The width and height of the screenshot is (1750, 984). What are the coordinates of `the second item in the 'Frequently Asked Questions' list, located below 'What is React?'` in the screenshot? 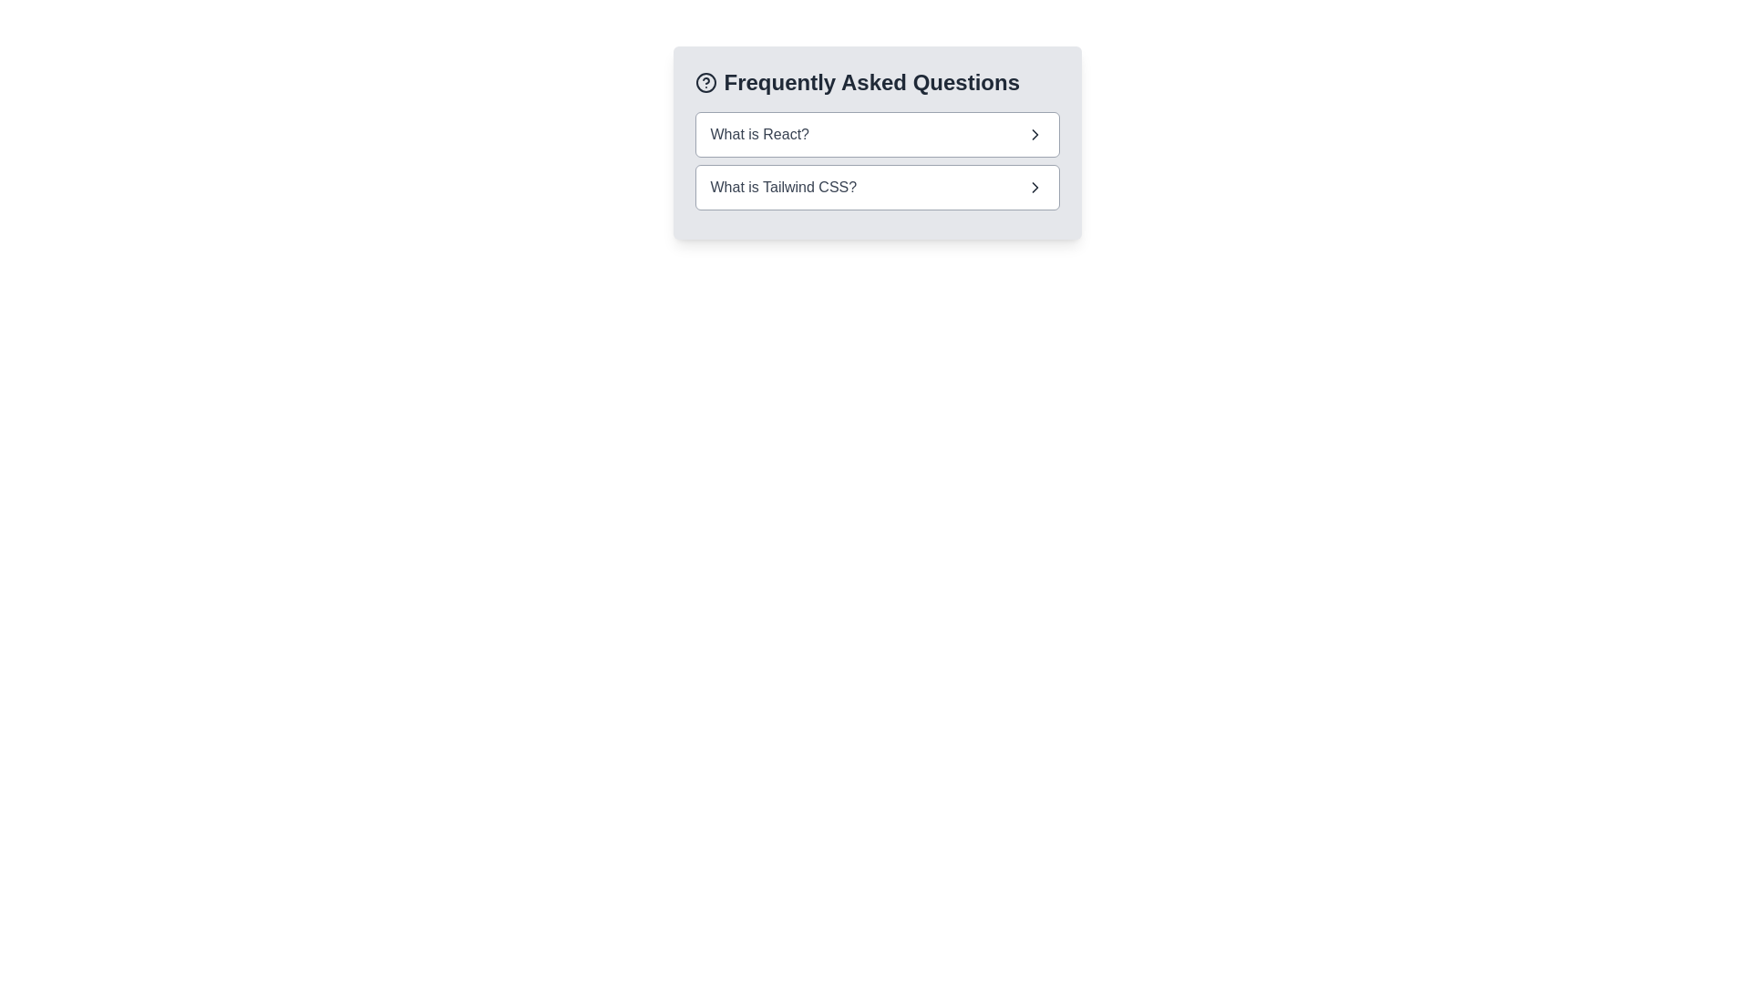 It's located at (877, 187).